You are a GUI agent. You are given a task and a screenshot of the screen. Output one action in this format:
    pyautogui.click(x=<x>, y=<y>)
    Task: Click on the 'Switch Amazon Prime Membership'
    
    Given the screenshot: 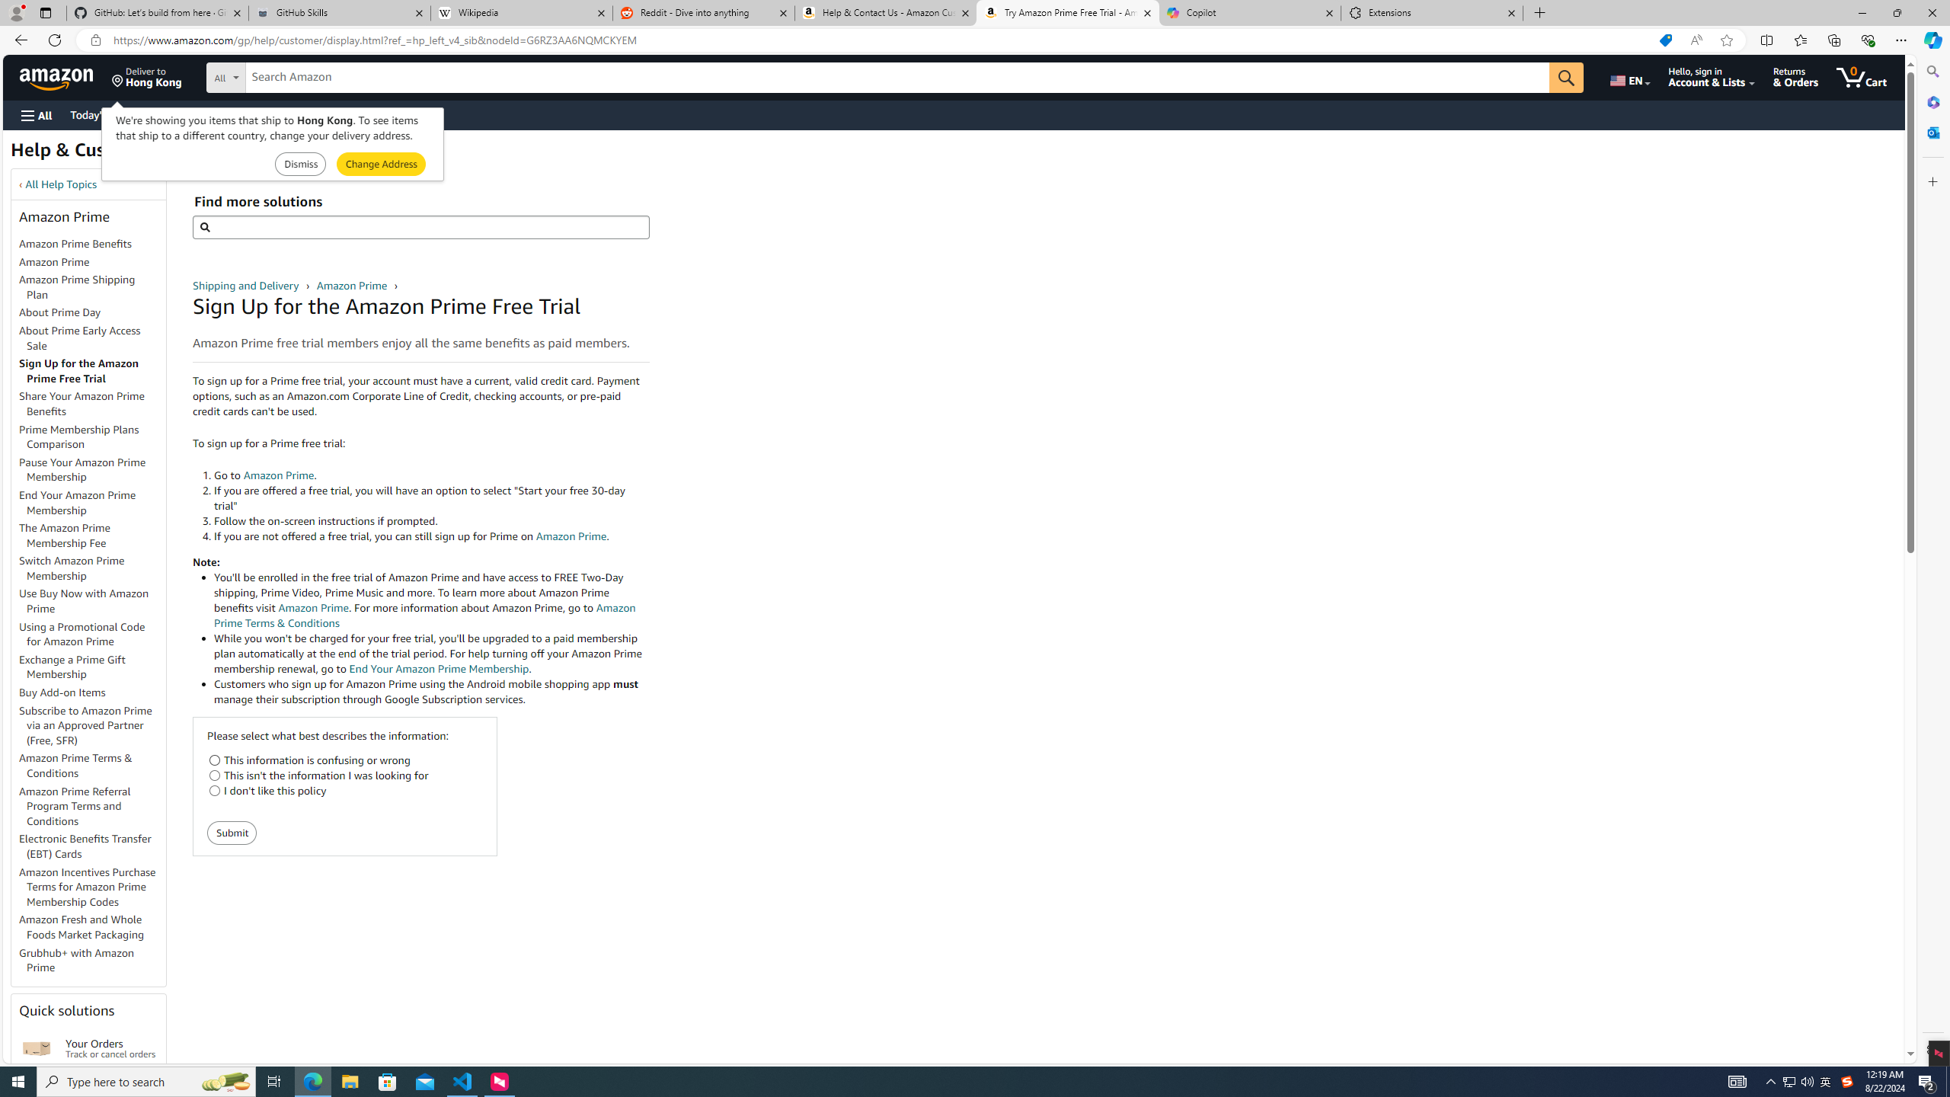 What is the action you would take?
    pyautogui.click(x=71, y=567)
    